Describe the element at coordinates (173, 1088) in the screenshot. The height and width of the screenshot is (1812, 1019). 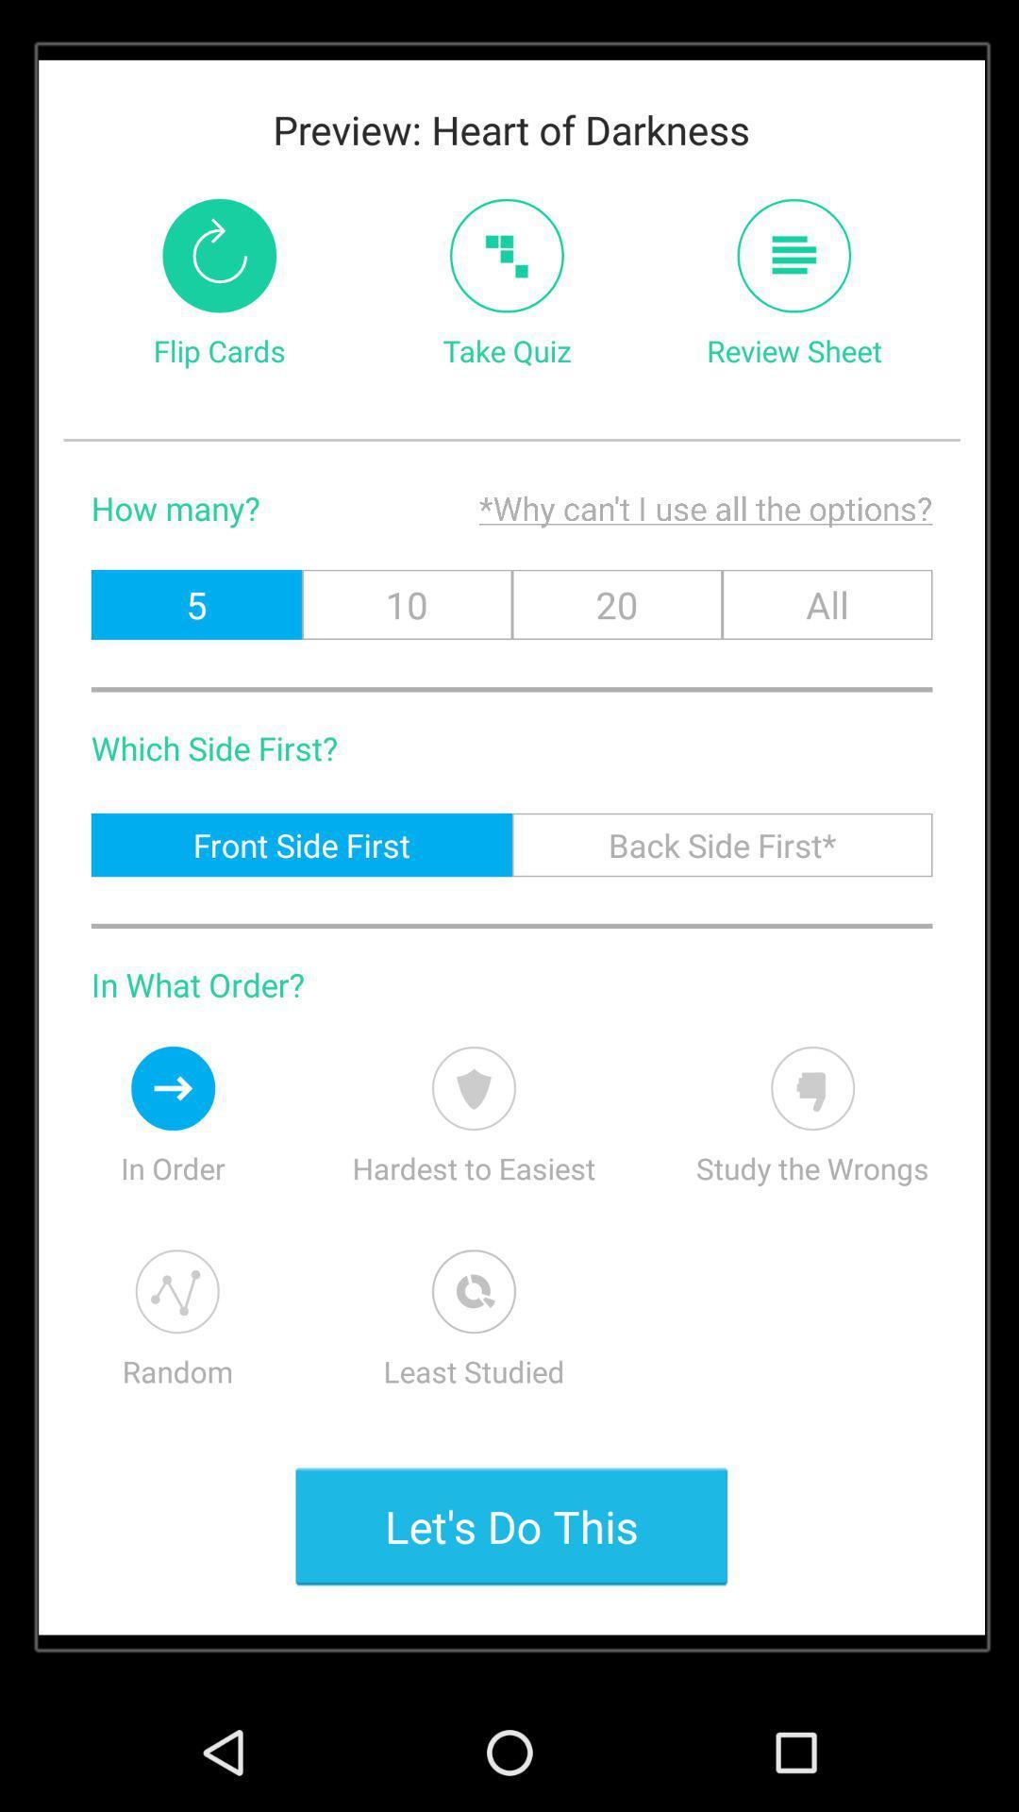
I see `descending` at that location.